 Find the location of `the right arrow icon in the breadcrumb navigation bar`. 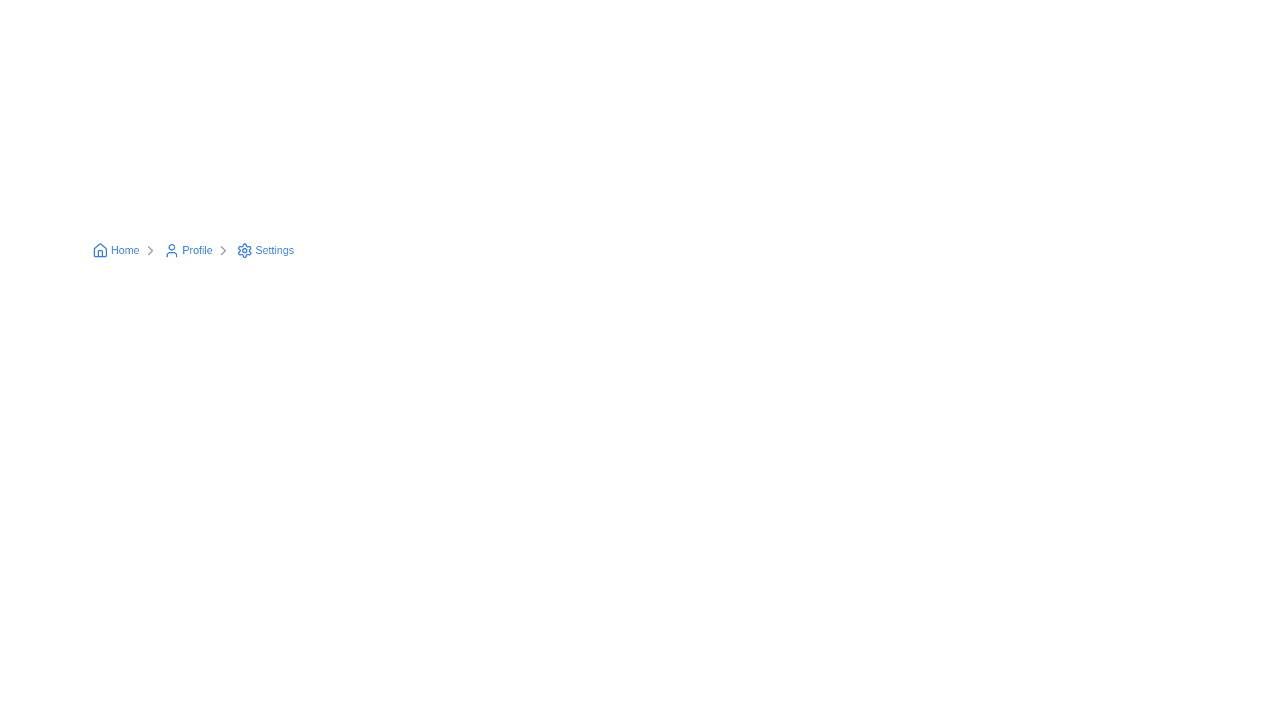

the right arrow icon in the breadcrumb navigation bar is located at coordinates (223, 250).